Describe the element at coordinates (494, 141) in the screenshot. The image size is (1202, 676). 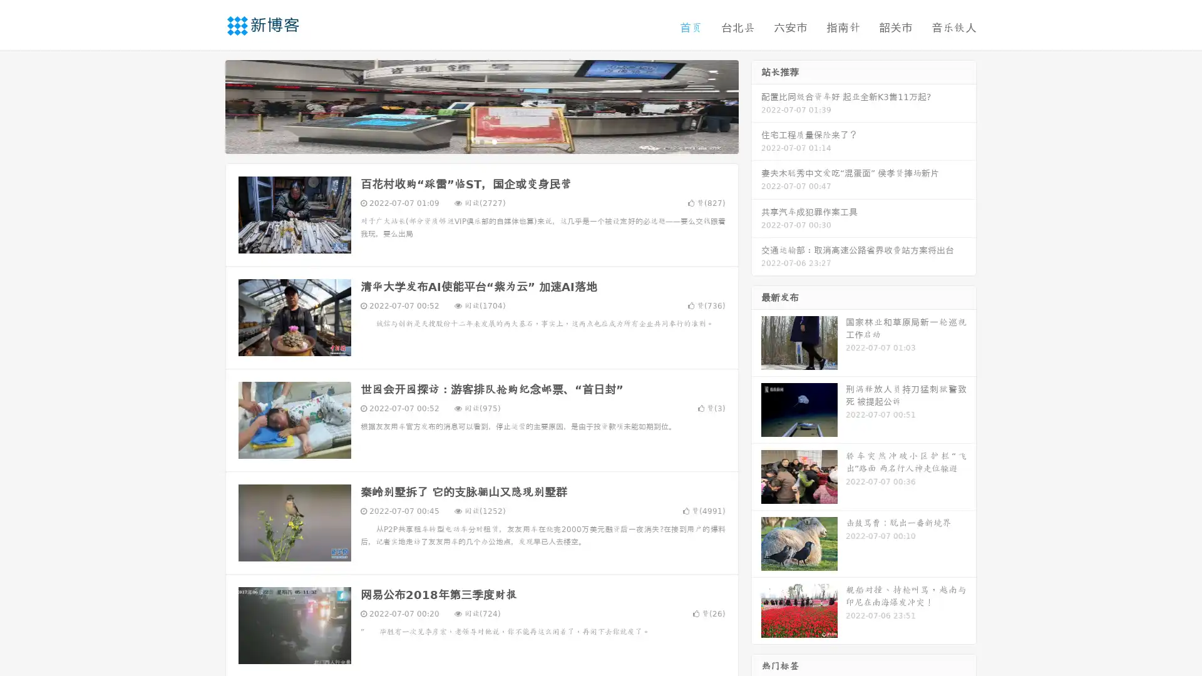
I see `Go to slide 3` at that location.